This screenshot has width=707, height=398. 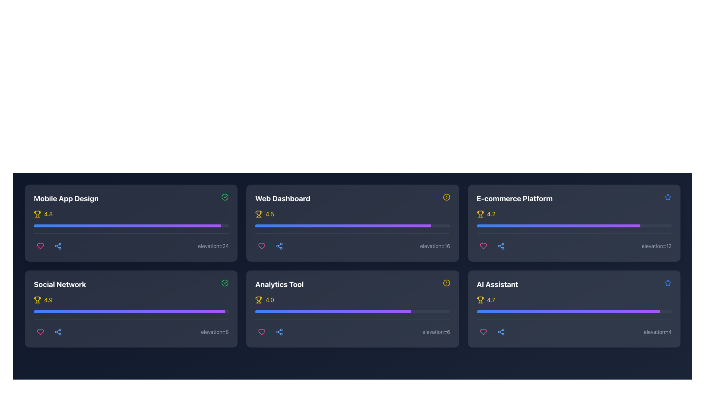 What do you see at coordinates (58, 332) in the screenshot?
I see `the share button located at the bottom right of the 'Social Network' card to enable keyboard navigation` at bounding box center [58, 332].